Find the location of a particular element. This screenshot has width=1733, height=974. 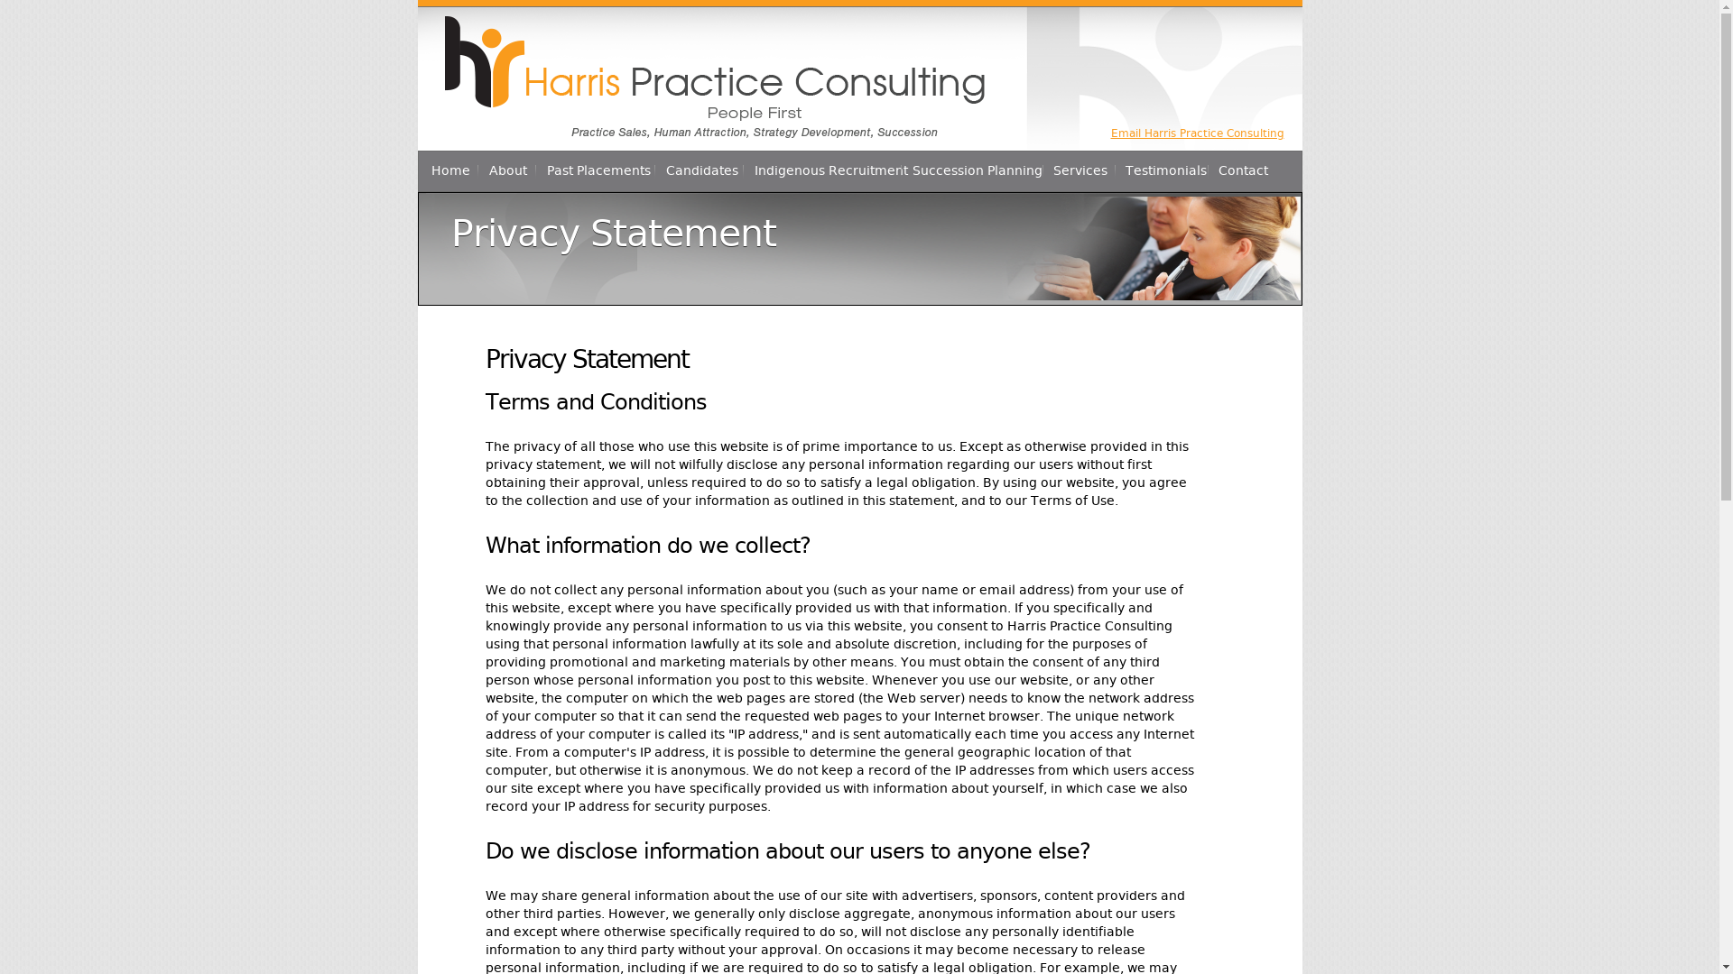

'Email Harris Practice Consulting' is located at coordinates (1108, 132).